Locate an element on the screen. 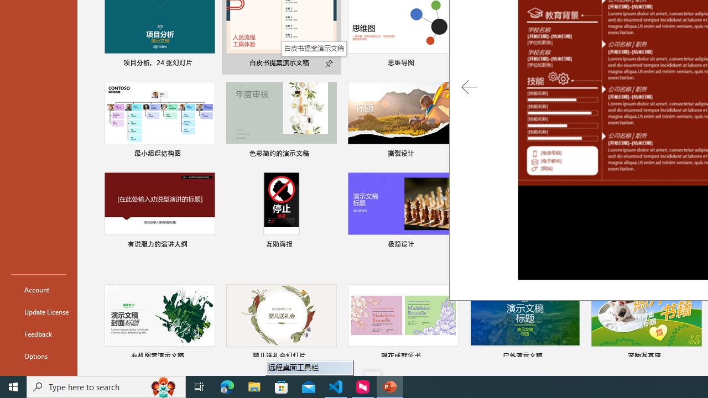 The image size is (708, 398). 'Options' is located at coordinates (38, 356).